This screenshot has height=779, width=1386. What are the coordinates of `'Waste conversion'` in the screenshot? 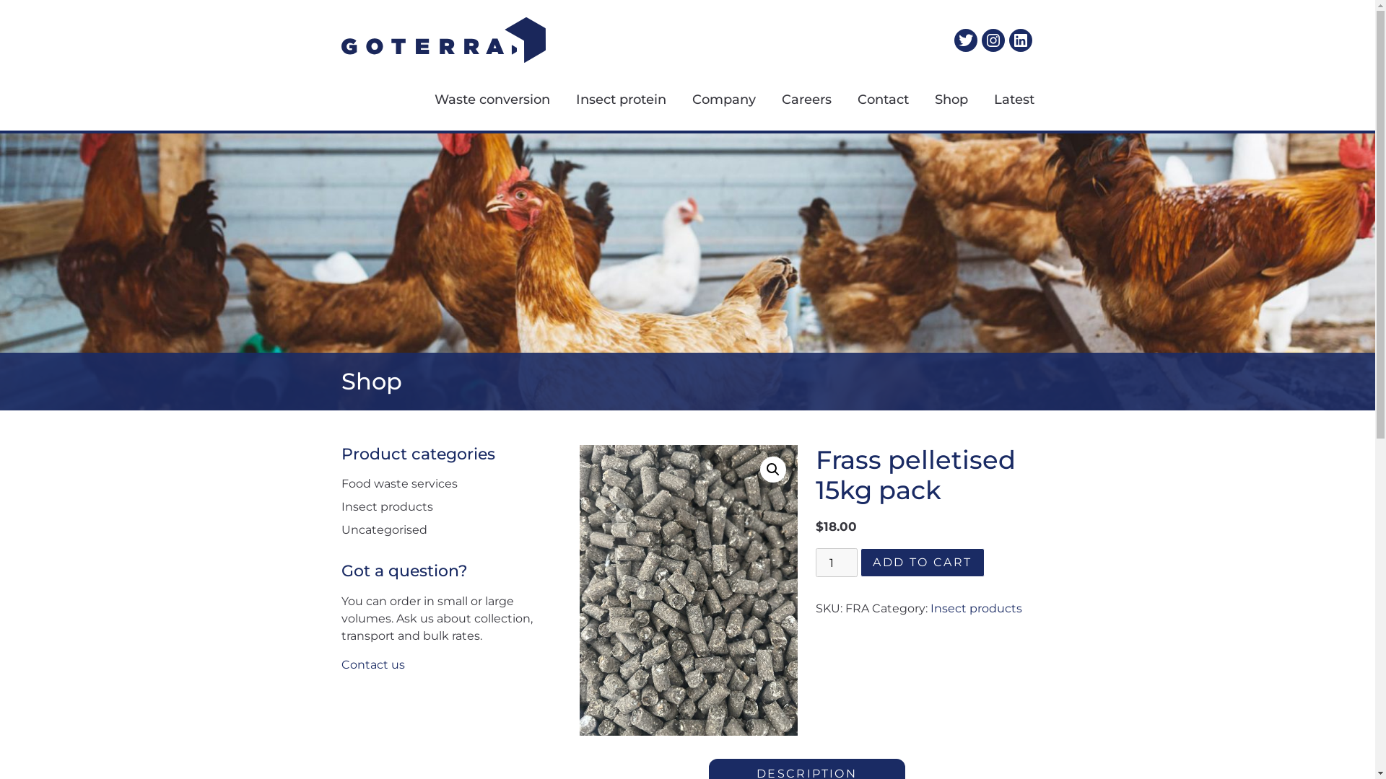 It's located at (479, 99).